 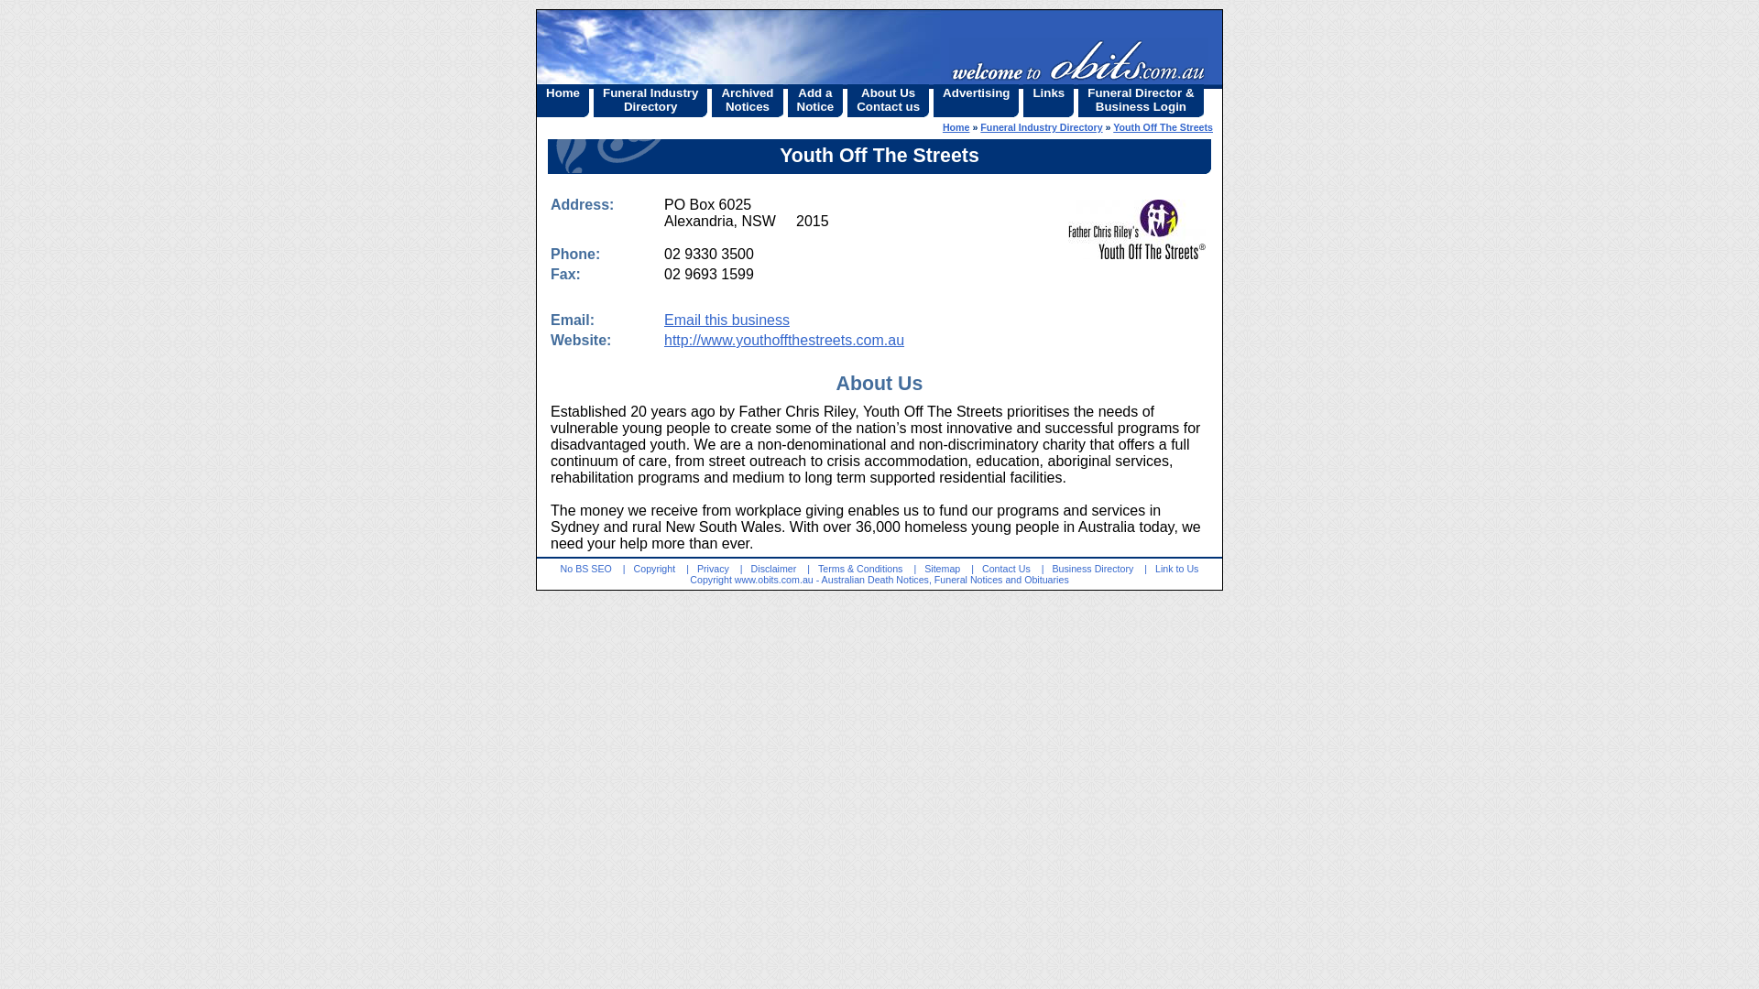 I want to click on 'Business Directory', so click(x=1092, y=568).